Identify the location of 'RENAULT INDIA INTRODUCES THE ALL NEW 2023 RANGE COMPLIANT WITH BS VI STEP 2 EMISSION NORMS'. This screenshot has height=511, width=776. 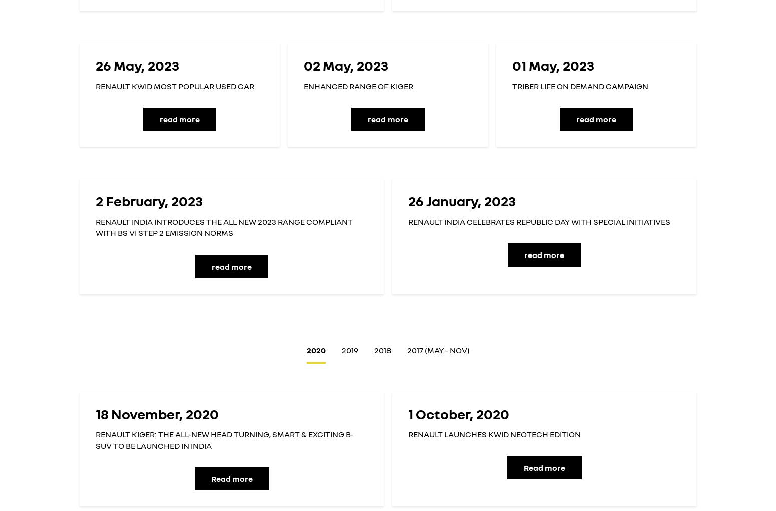
(224, 227).